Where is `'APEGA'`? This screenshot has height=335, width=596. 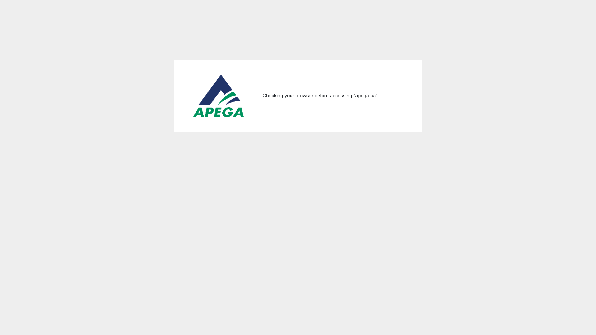
'APEGA' is located at coordinates (219, 96).